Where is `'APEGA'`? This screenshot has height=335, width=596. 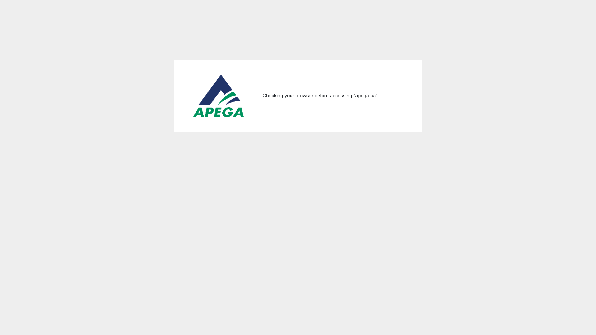
'APEGA' is located at coordinates (219, 96).